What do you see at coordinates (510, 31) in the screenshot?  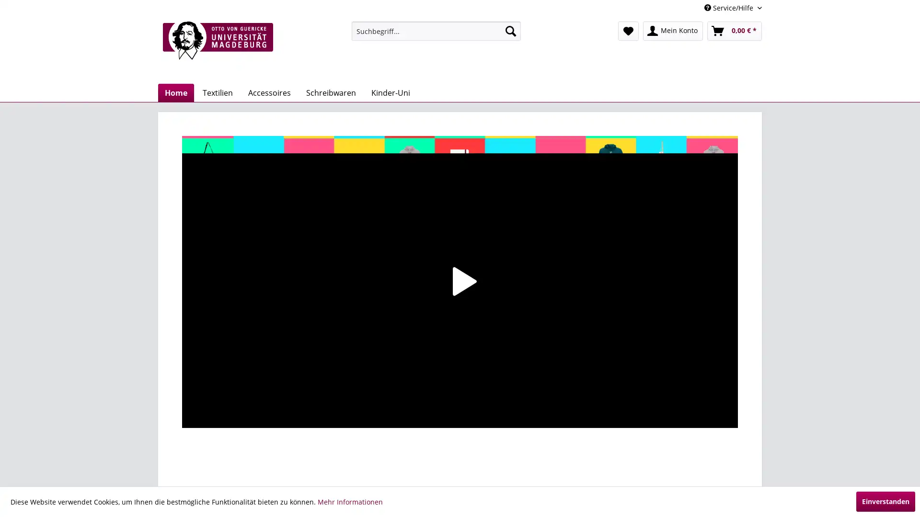 I see `Suchen` at bounding box center [510, 31].